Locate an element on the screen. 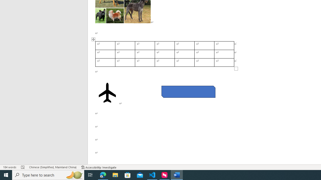 Image resolution: width=321 pixels, height=180 pixels. 'Task View' is located at coordinates (90, 174).